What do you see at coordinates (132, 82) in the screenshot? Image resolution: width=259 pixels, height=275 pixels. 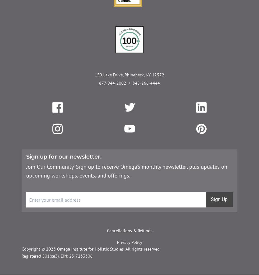 I see `'845-266-4444'` at bounding box center [132, 82].